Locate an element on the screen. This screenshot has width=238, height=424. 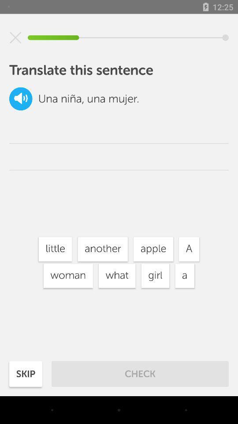
the volume icon is located at coordinates (21, 98).